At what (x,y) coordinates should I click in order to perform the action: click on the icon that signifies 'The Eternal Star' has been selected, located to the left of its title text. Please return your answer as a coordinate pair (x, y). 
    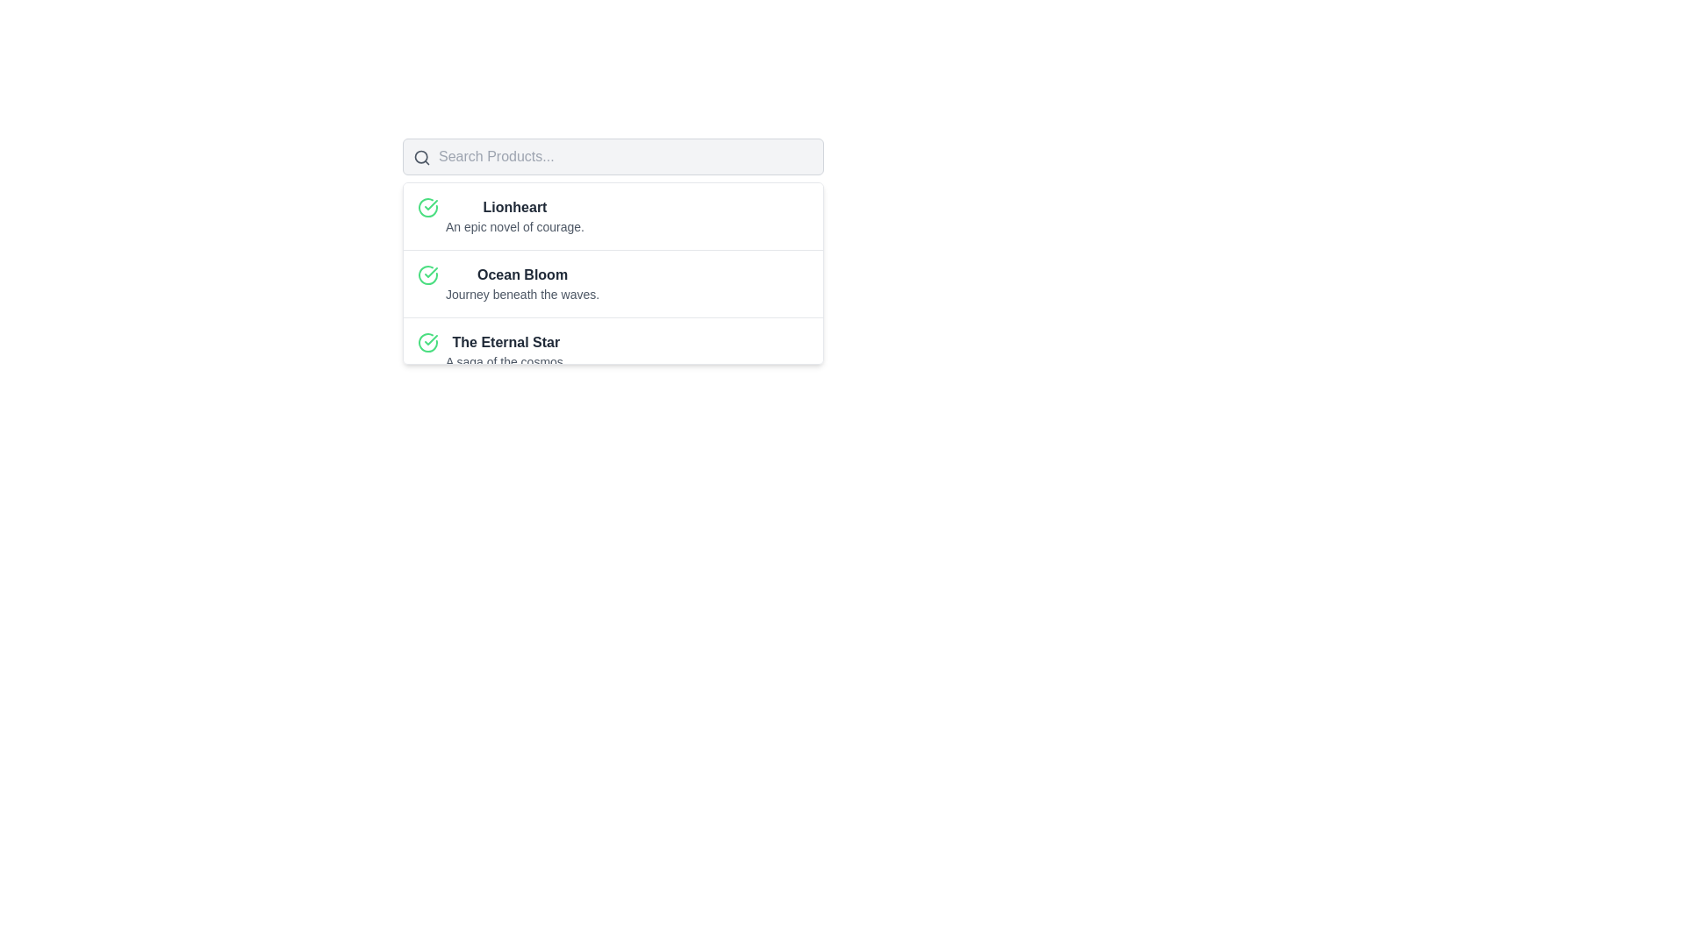
    Looking at the image, I should click on (428, 342).